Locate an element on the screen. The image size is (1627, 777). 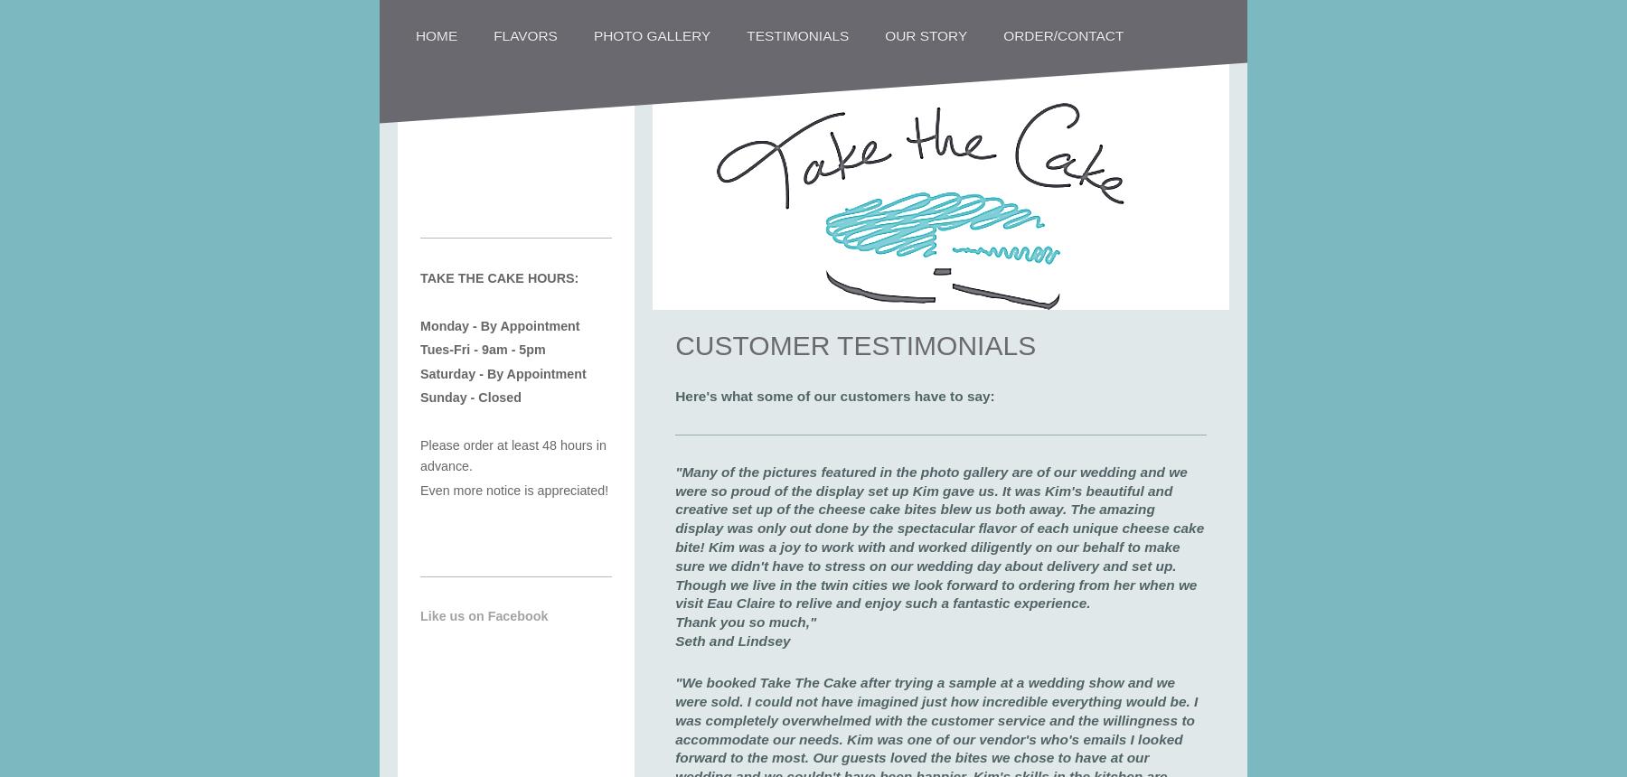
'Our Story' is located at coordinates (926, 34).